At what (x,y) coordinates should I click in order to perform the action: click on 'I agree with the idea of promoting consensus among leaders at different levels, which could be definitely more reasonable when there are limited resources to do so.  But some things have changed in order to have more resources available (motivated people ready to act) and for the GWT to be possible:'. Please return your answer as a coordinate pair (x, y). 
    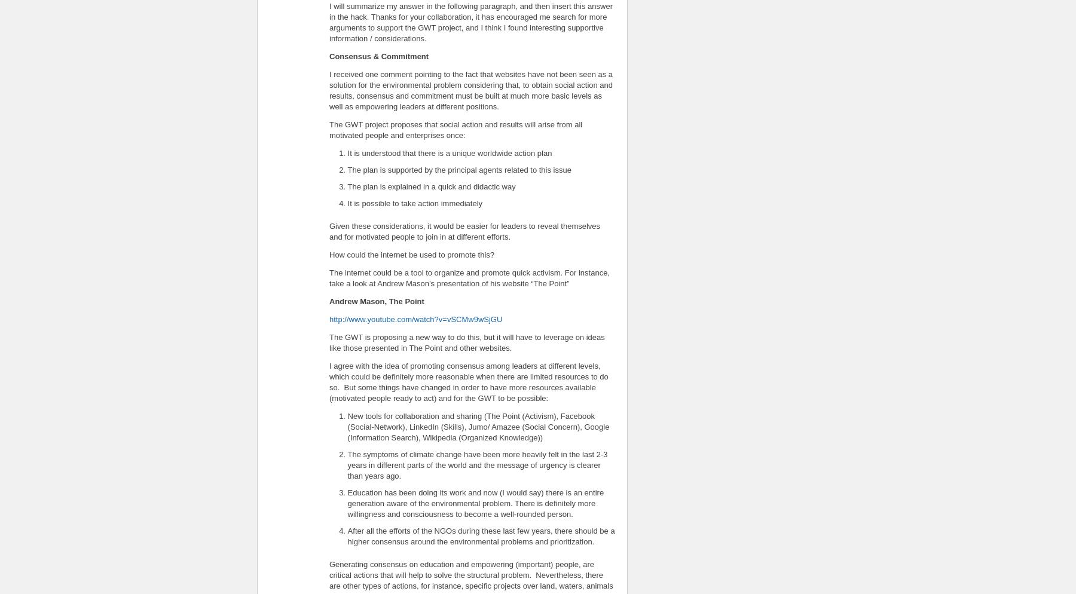
    Looking at the image, I should click on (468, 381).